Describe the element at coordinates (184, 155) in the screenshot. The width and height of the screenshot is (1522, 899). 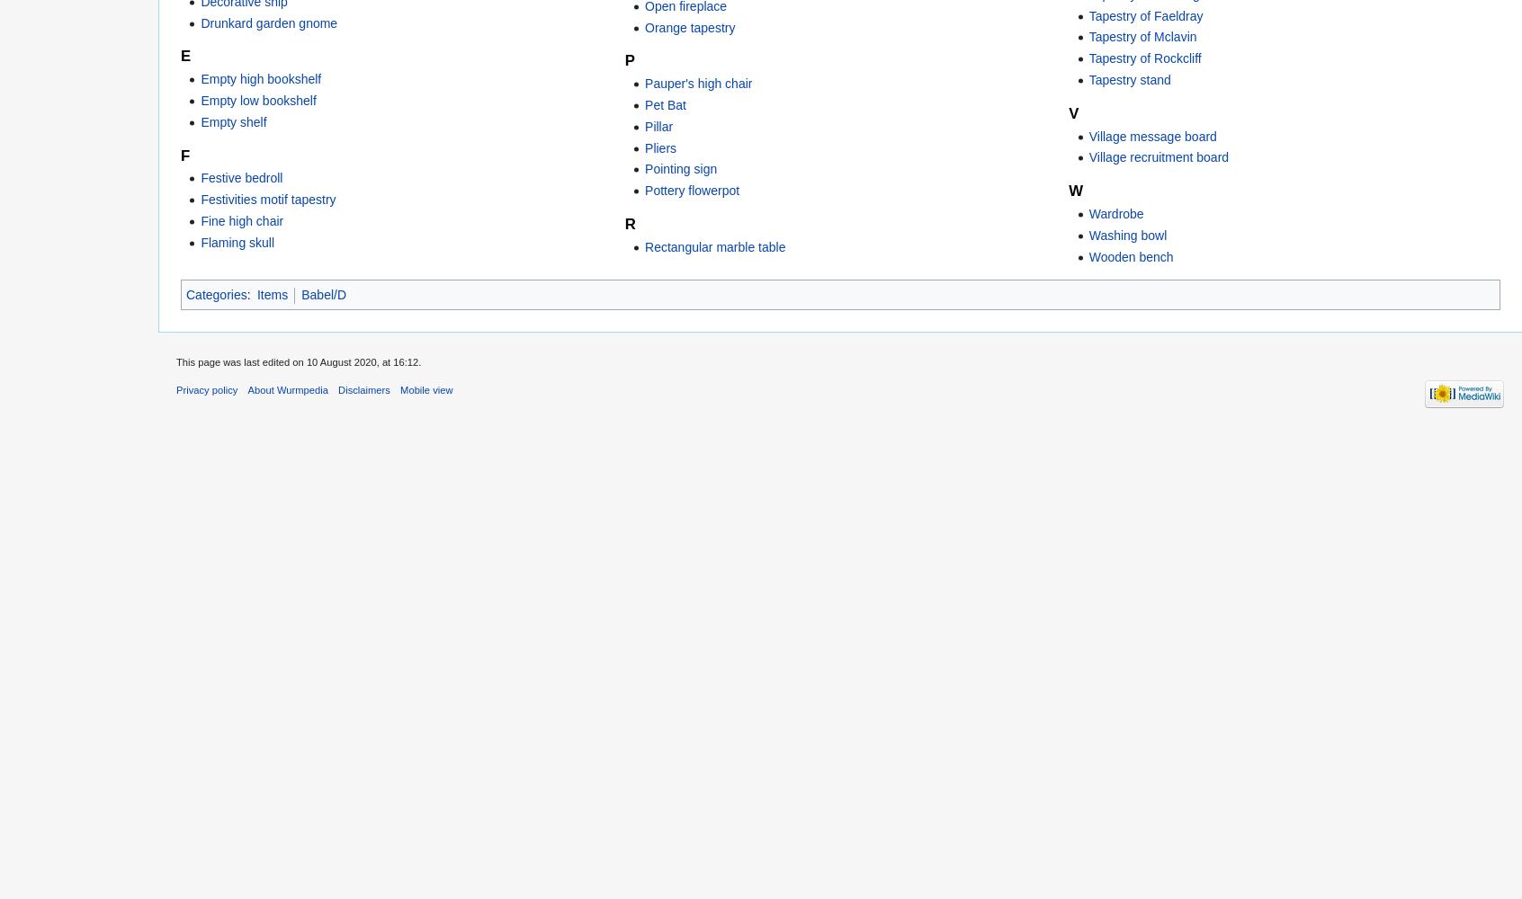
I see `'F'` at that location.